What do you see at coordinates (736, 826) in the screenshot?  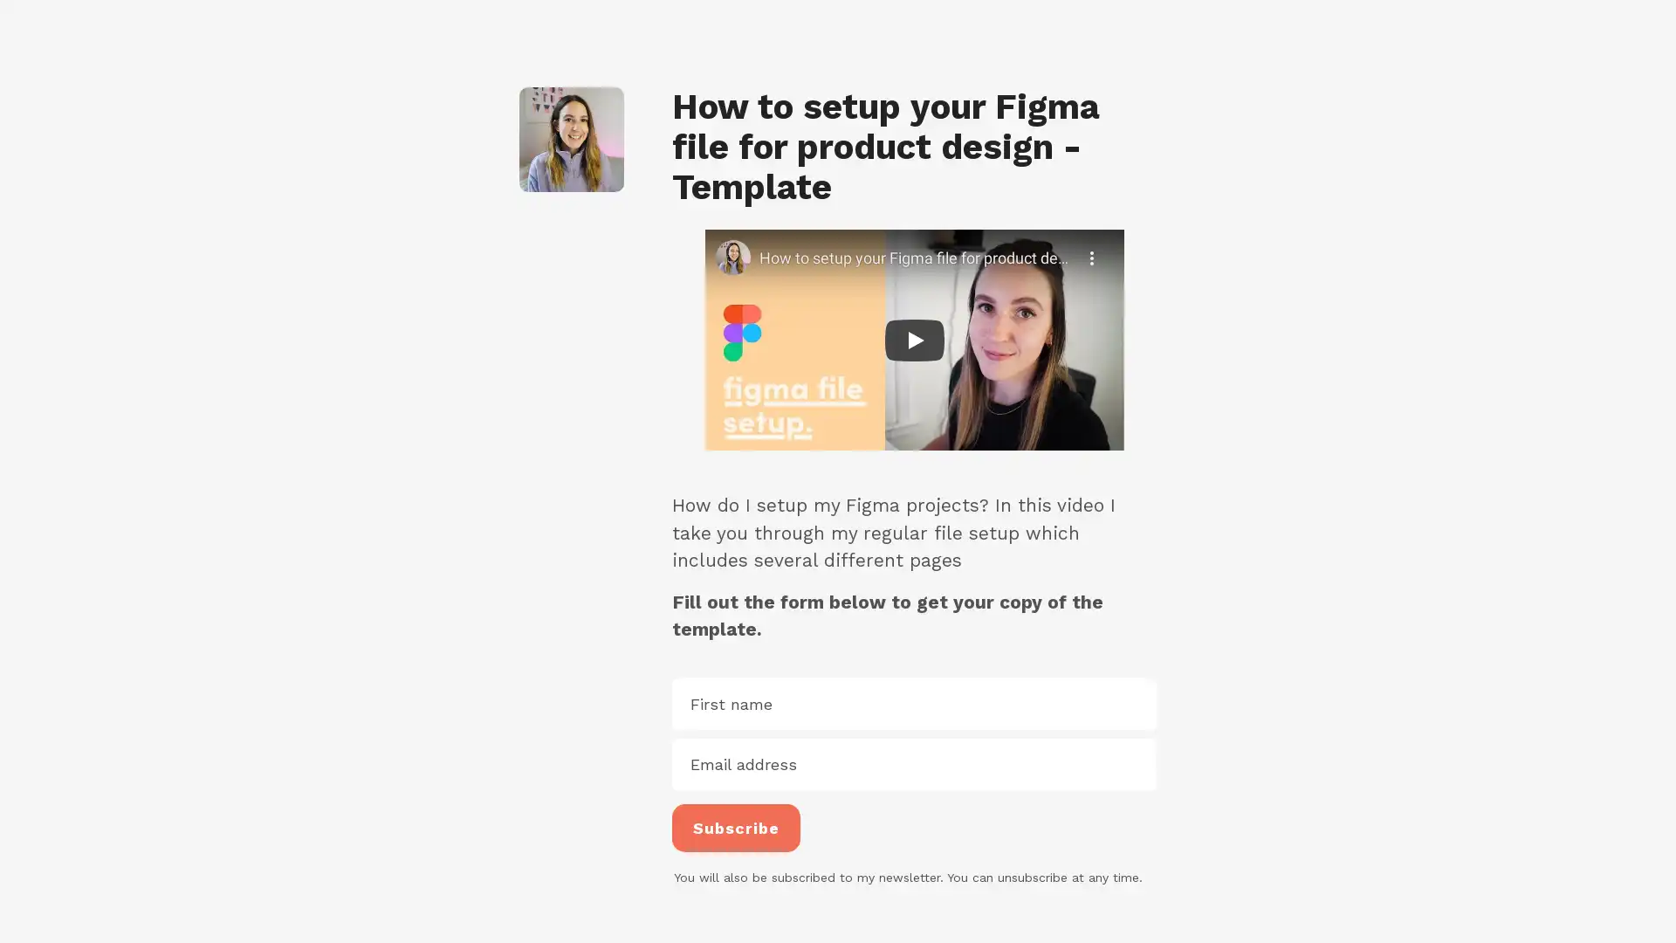 I see `Subscribe` at bounding box center [736, 826].